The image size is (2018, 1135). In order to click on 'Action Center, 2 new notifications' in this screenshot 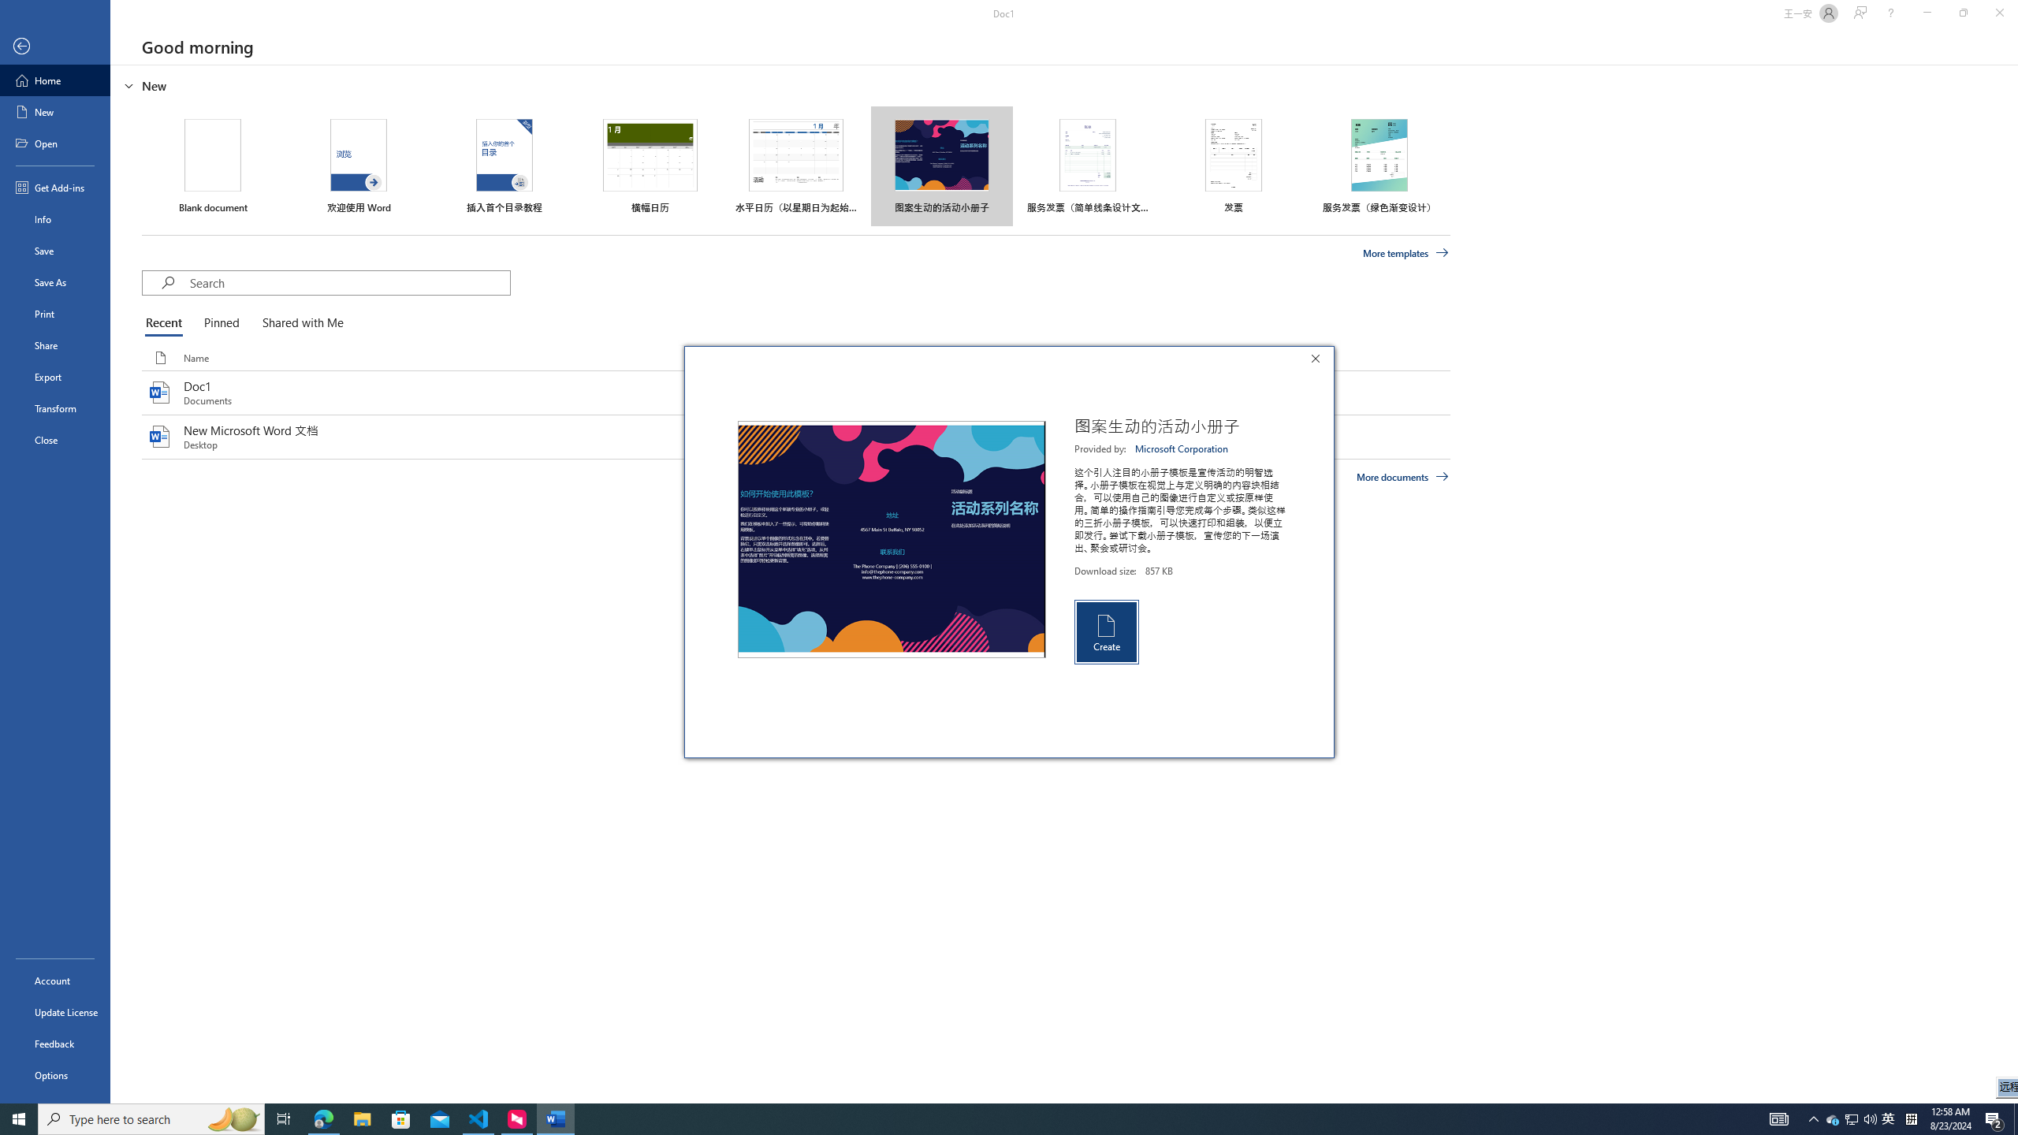, I will do `click(1994, 1118)`.